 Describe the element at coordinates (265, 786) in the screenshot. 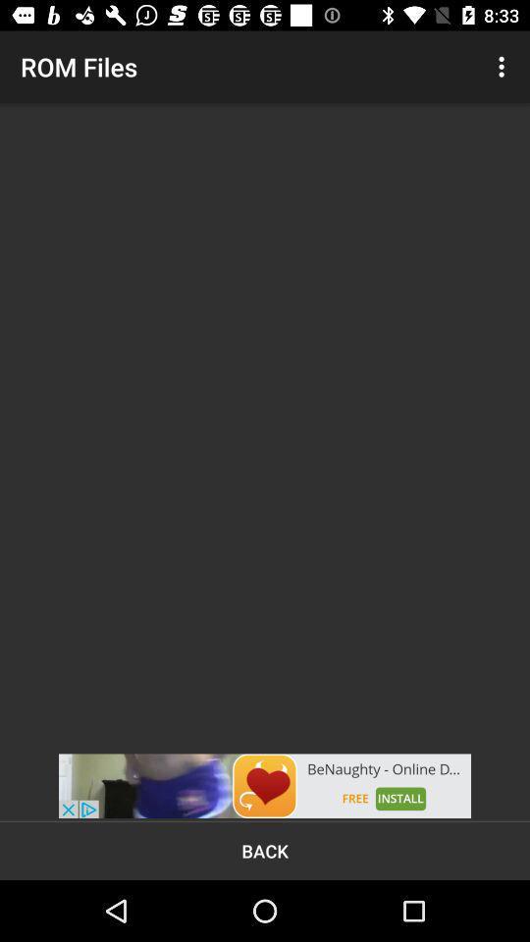

I see `click on benaughty advertisement` at that location.